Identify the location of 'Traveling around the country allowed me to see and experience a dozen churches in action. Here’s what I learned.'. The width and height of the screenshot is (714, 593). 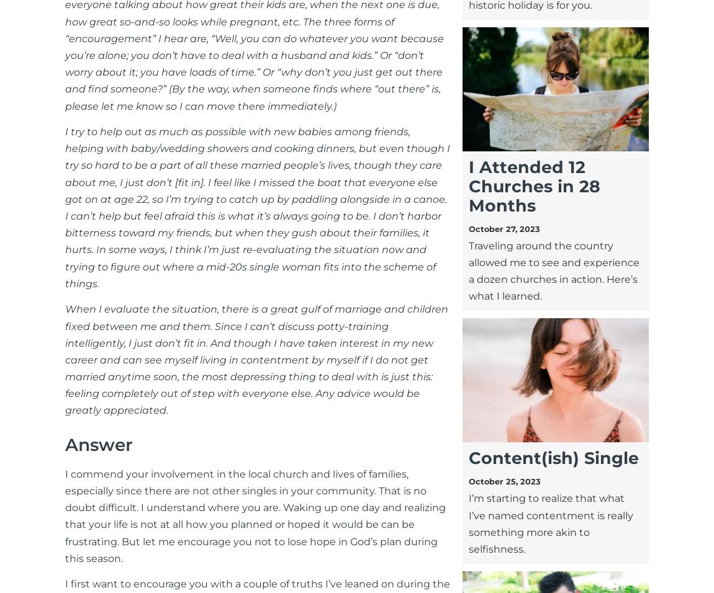
(553, 270).